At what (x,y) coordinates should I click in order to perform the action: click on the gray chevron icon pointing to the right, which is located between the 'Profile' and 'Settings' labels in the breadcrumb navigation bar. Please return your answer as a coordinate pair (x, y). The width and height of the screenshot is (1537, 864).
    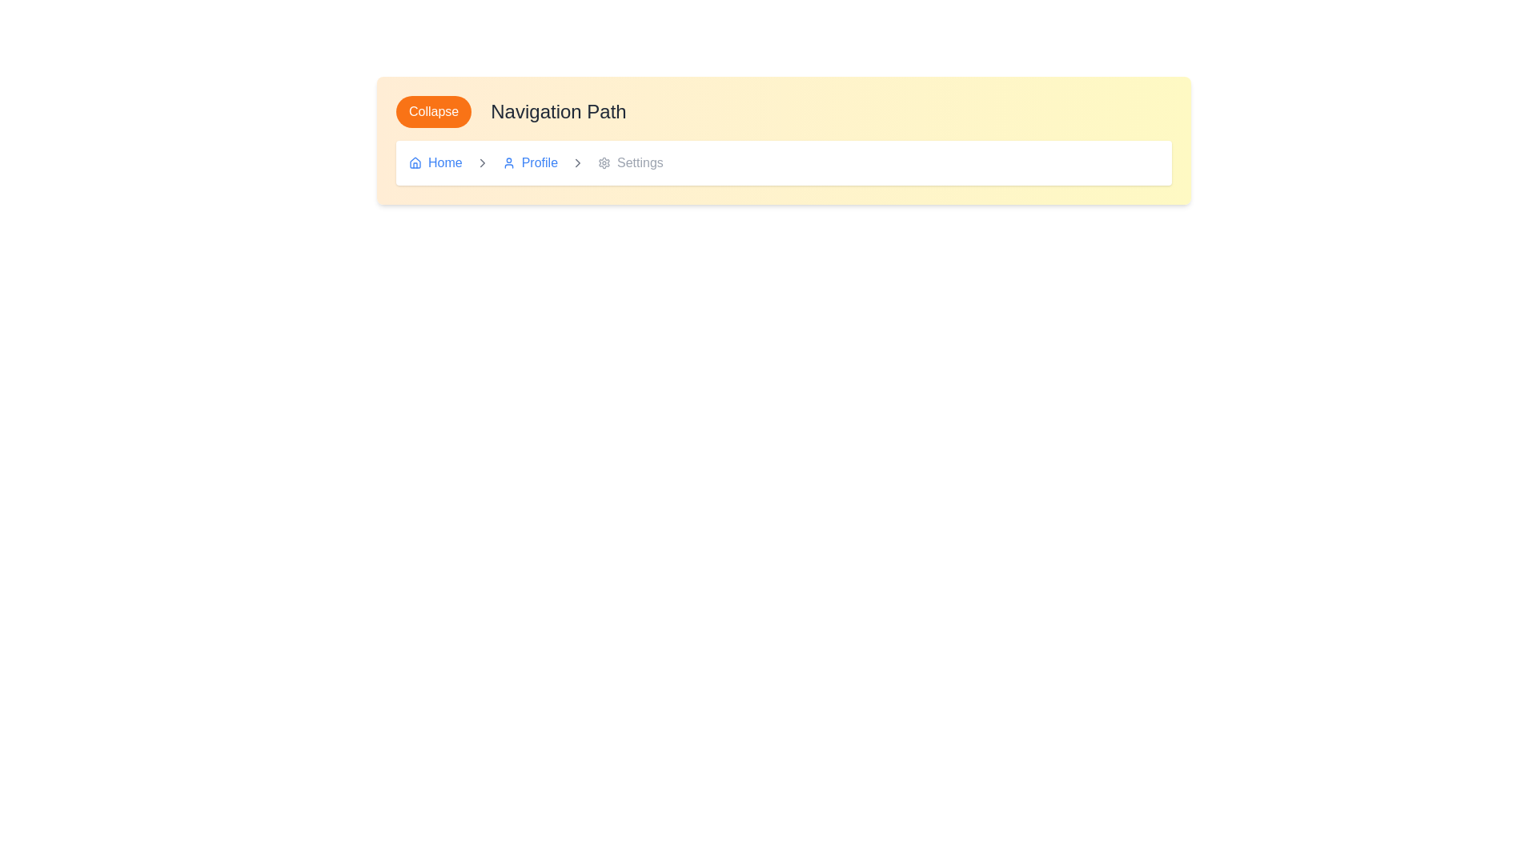
    Looking at the image, I should click on (577, 163).